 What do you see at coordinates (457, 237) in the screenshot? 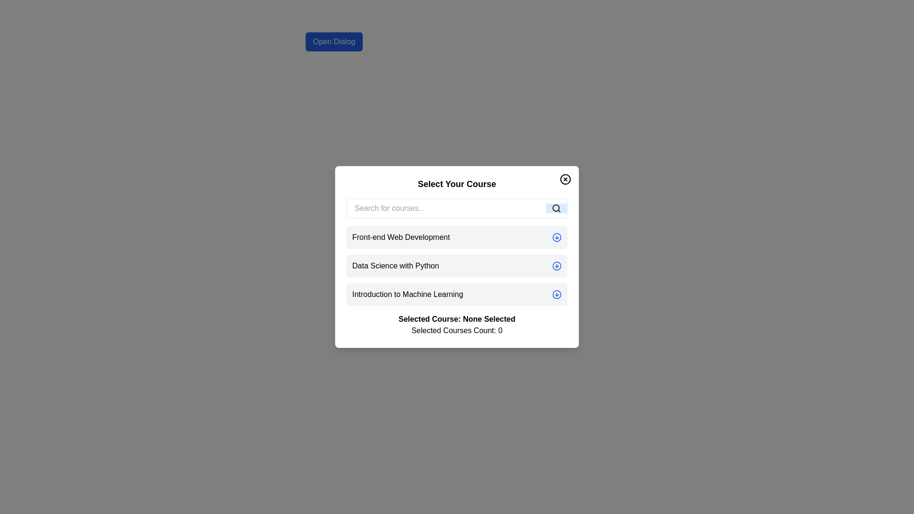
I see `the first course entry module named 'Front-end Web Development'` at bounding box center [457, 237].